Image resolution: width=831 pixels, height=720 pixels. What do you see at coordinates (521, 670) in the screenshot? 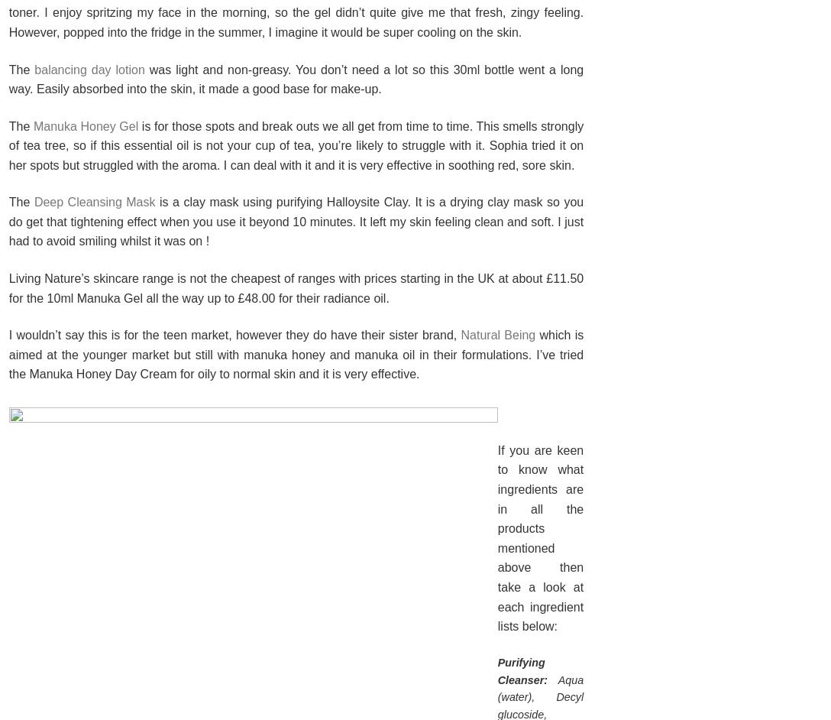
I see `'Purifying Cleanser:'` at bounding box center [521, 670].